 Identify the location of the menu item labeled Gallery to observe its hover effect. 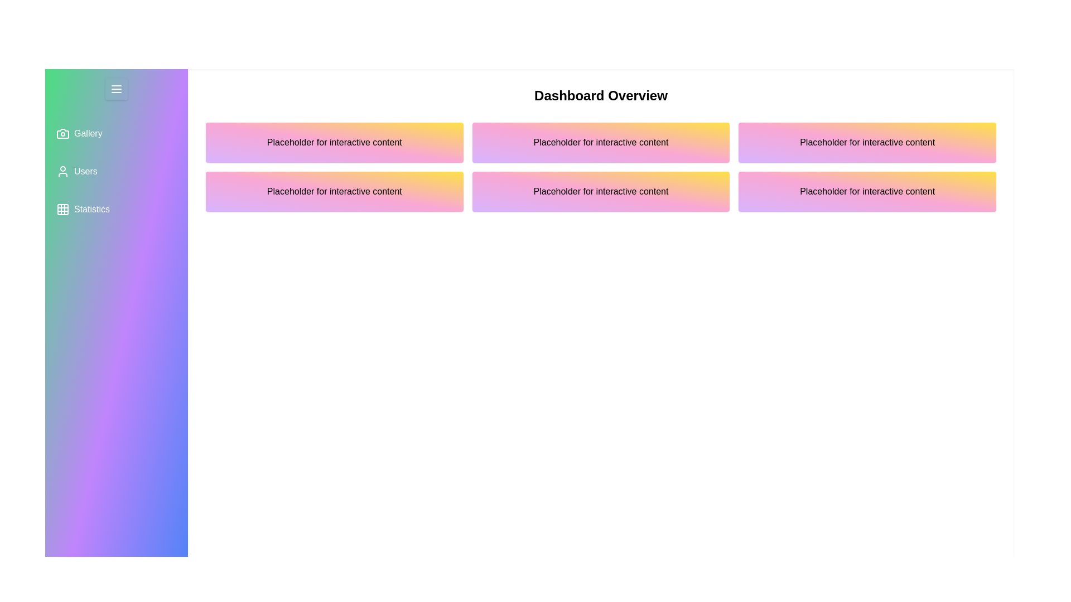
(117, 133).